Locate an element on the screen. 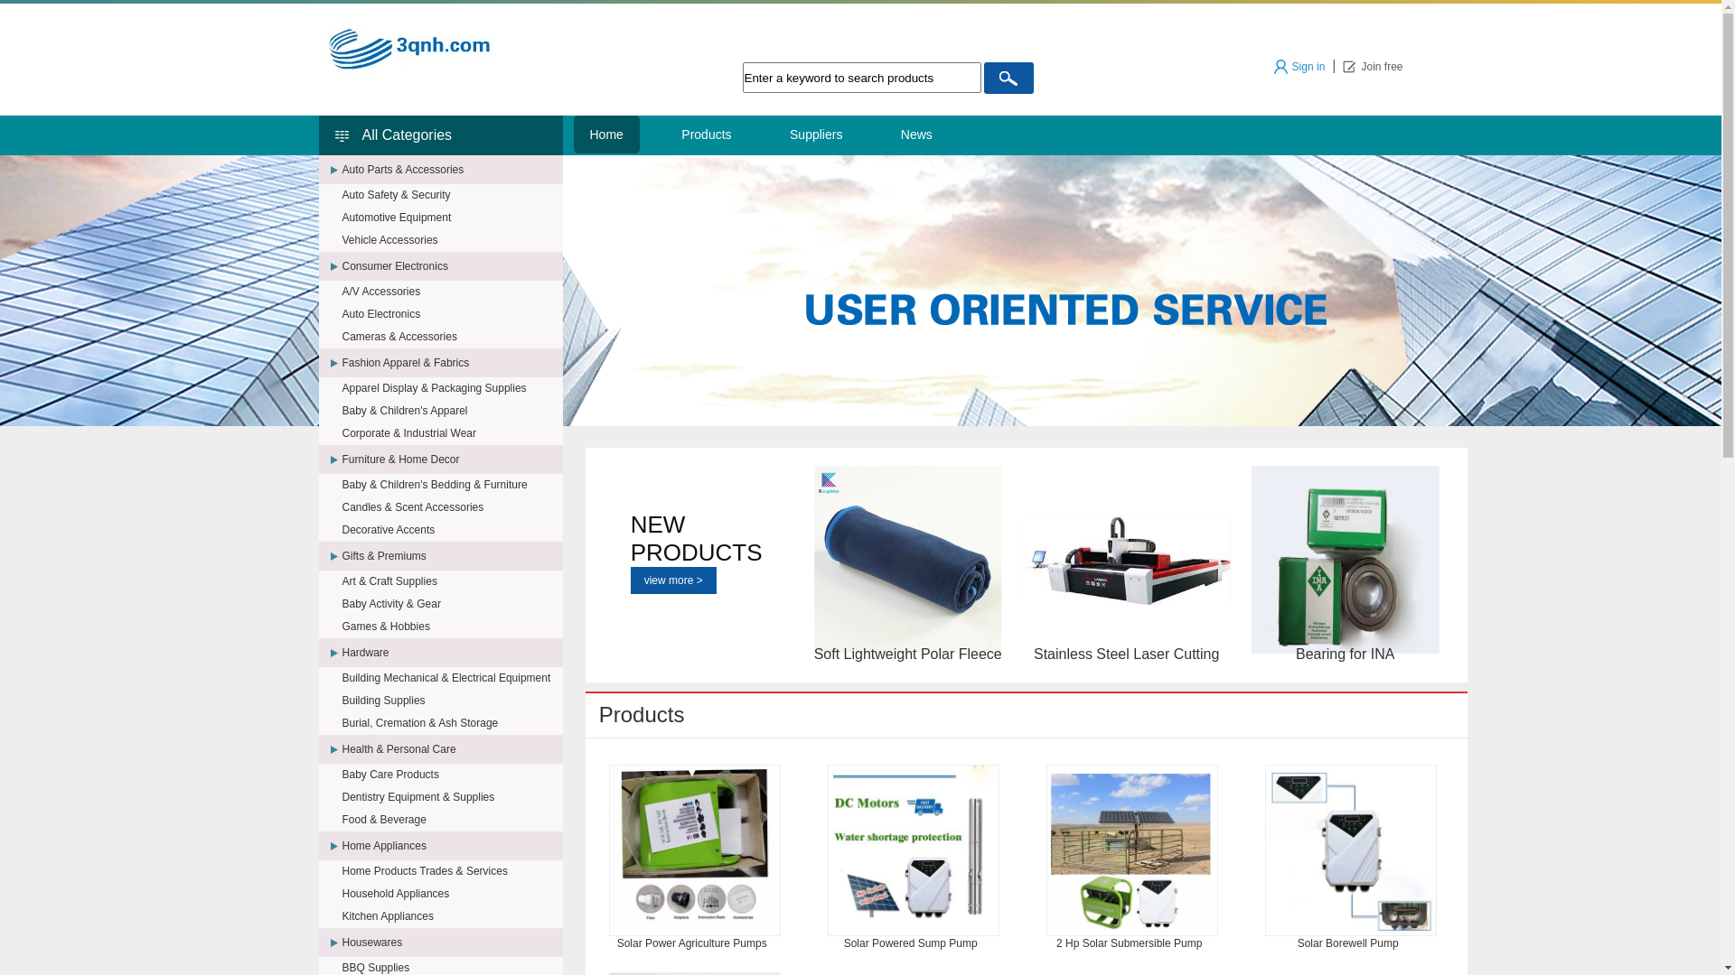 The height and width of the screenshot is (975, 1735). 'Health & Personal Care' is located at coordinates (451, 748).